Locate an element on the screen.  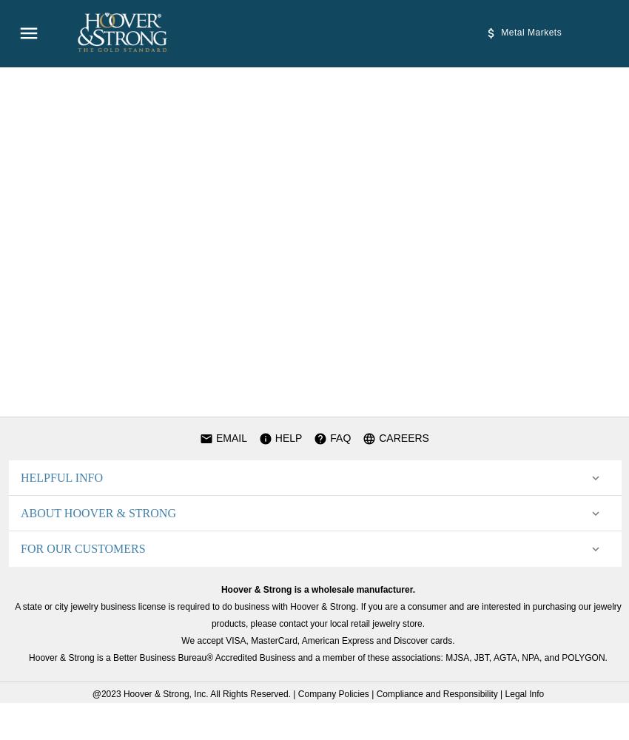
'CAREERS' is located at coordinates (401, 437).